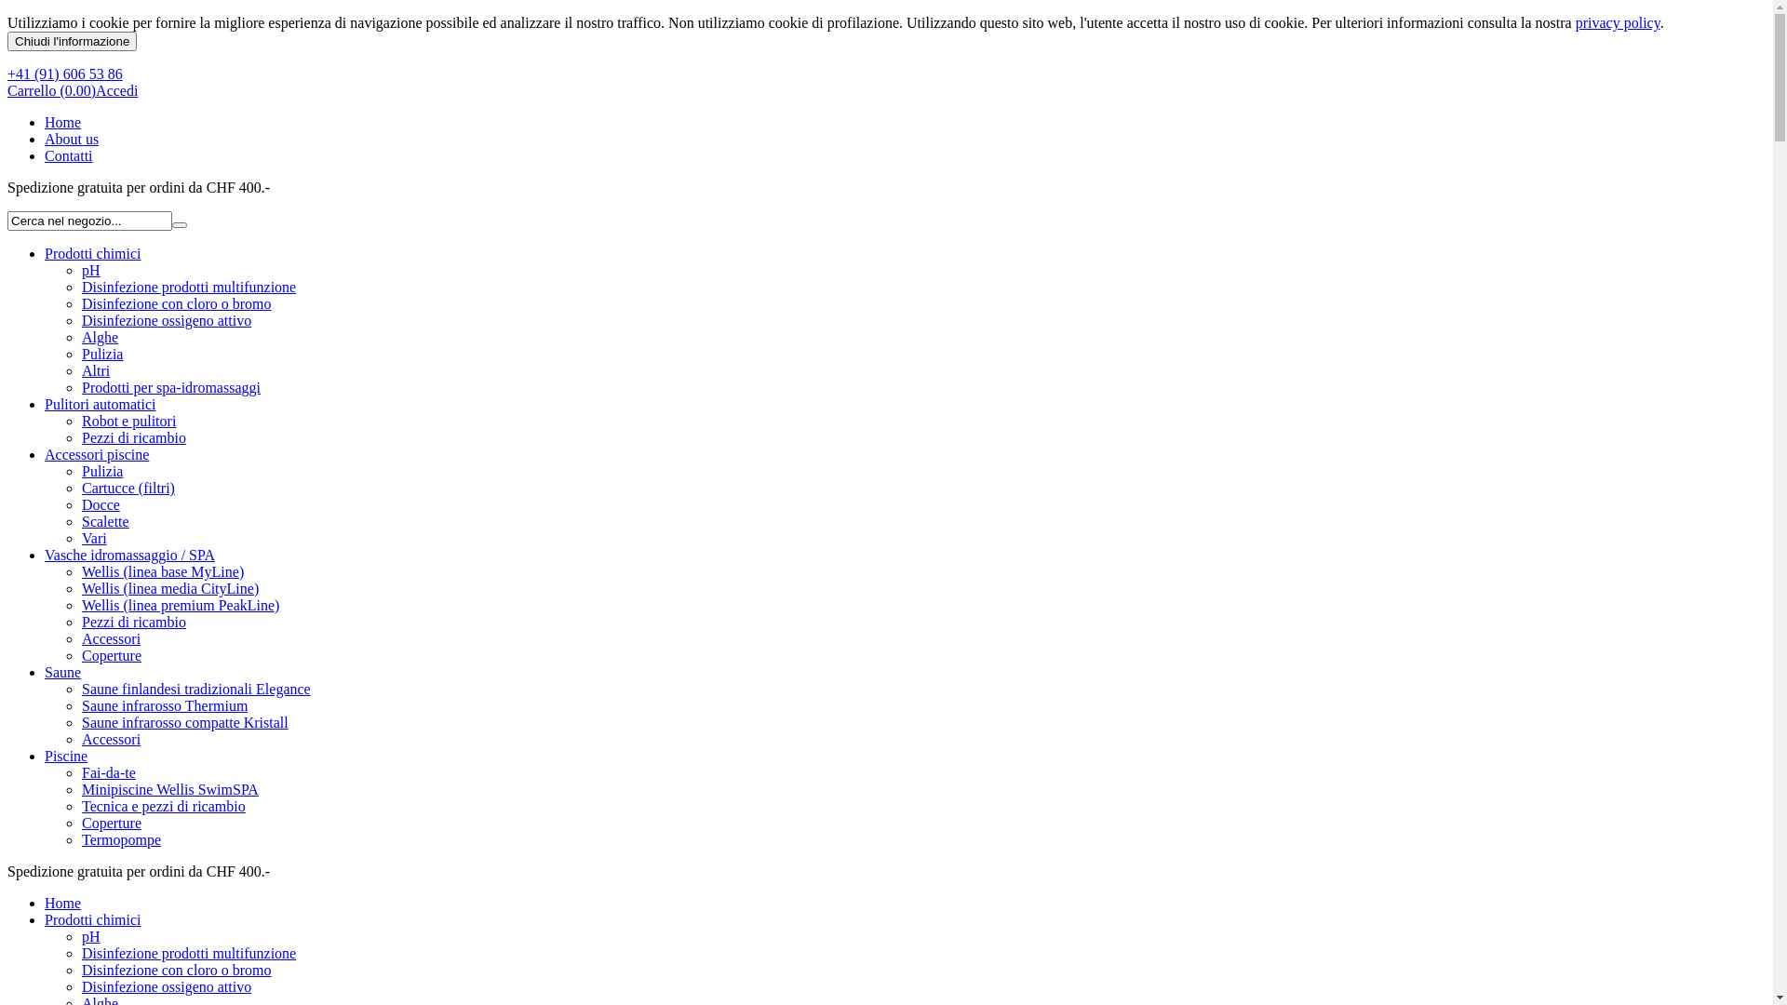 The image size is (1787, 1005). What do you see at coordinates (120, 839) in the screenshot?
I see `'Termopompe'` at bounding box center [120, 839].